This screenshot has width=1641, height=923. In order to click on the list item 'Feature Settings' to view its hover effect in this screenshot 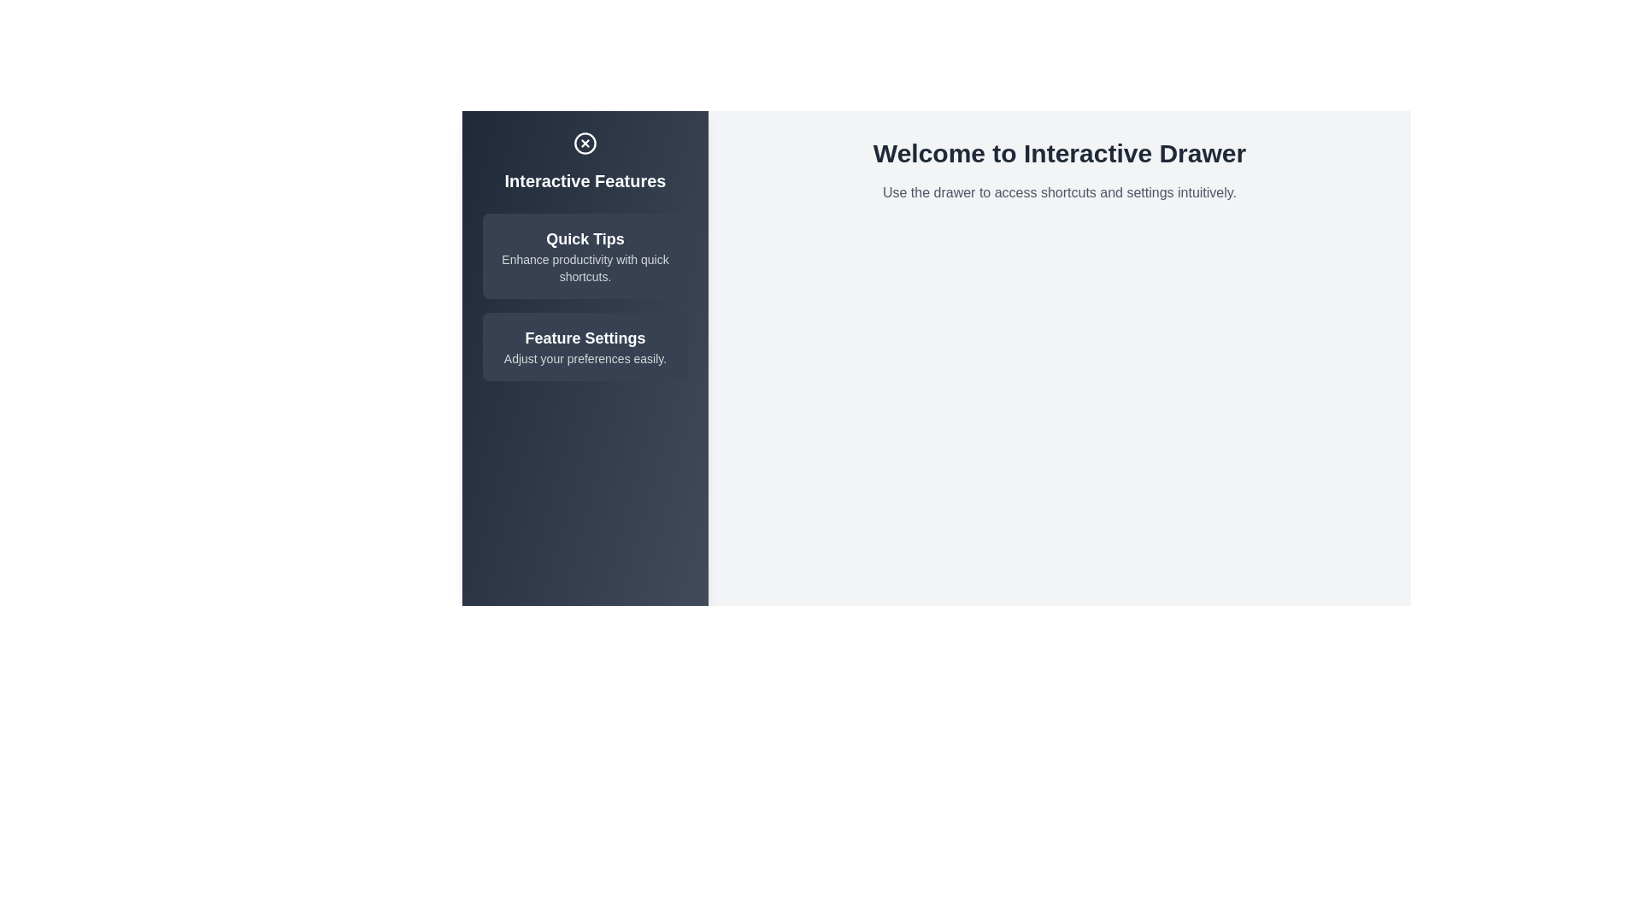, I will do `click(585, 346)`.